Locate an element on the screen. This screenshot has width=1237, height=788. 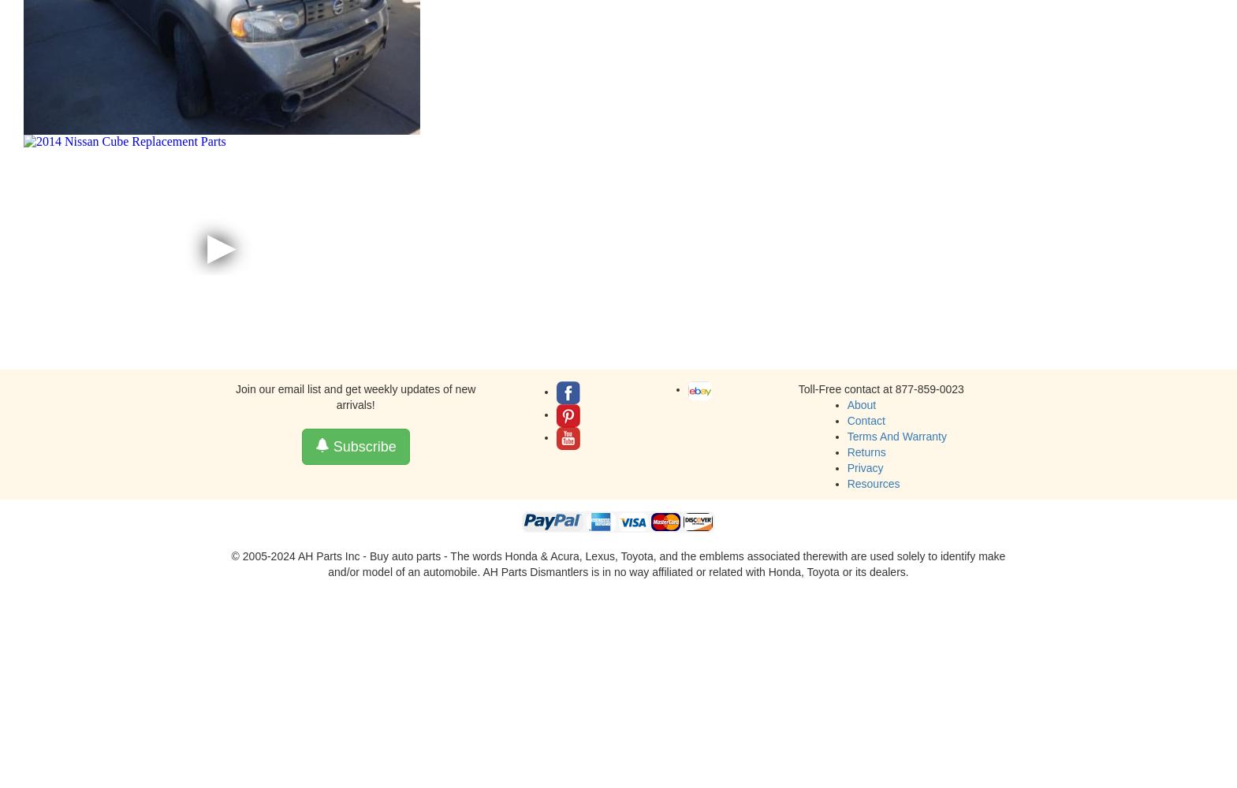
'Subscribe' is located at coordinates (361, 445).